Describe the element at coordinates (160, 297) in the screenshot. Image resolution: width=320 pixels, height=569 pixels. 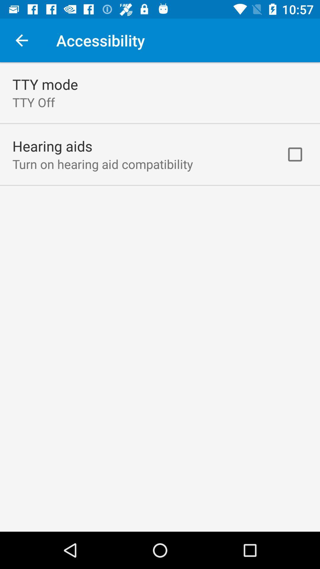
I see `item at the center` at that location.